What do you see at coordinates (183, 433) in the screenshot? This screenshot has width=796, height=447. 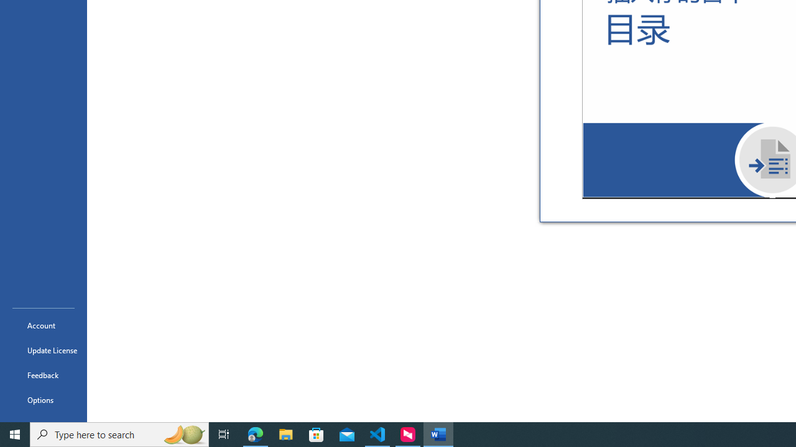 I see `'Search highlights icon opens search home window'` at bounding box center [183, 433].